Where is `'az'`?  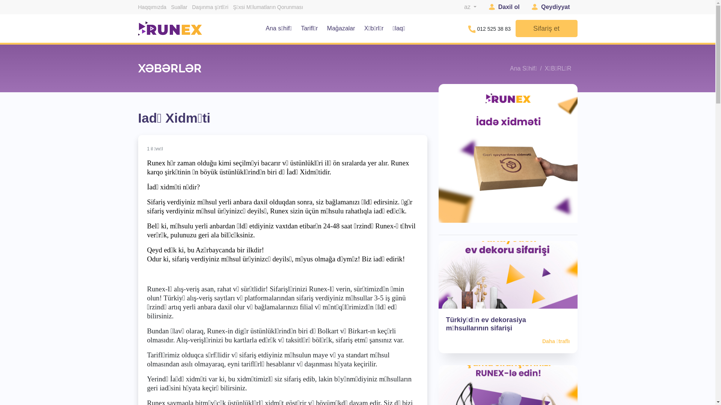 'az' is located at coordinates (470, 7).